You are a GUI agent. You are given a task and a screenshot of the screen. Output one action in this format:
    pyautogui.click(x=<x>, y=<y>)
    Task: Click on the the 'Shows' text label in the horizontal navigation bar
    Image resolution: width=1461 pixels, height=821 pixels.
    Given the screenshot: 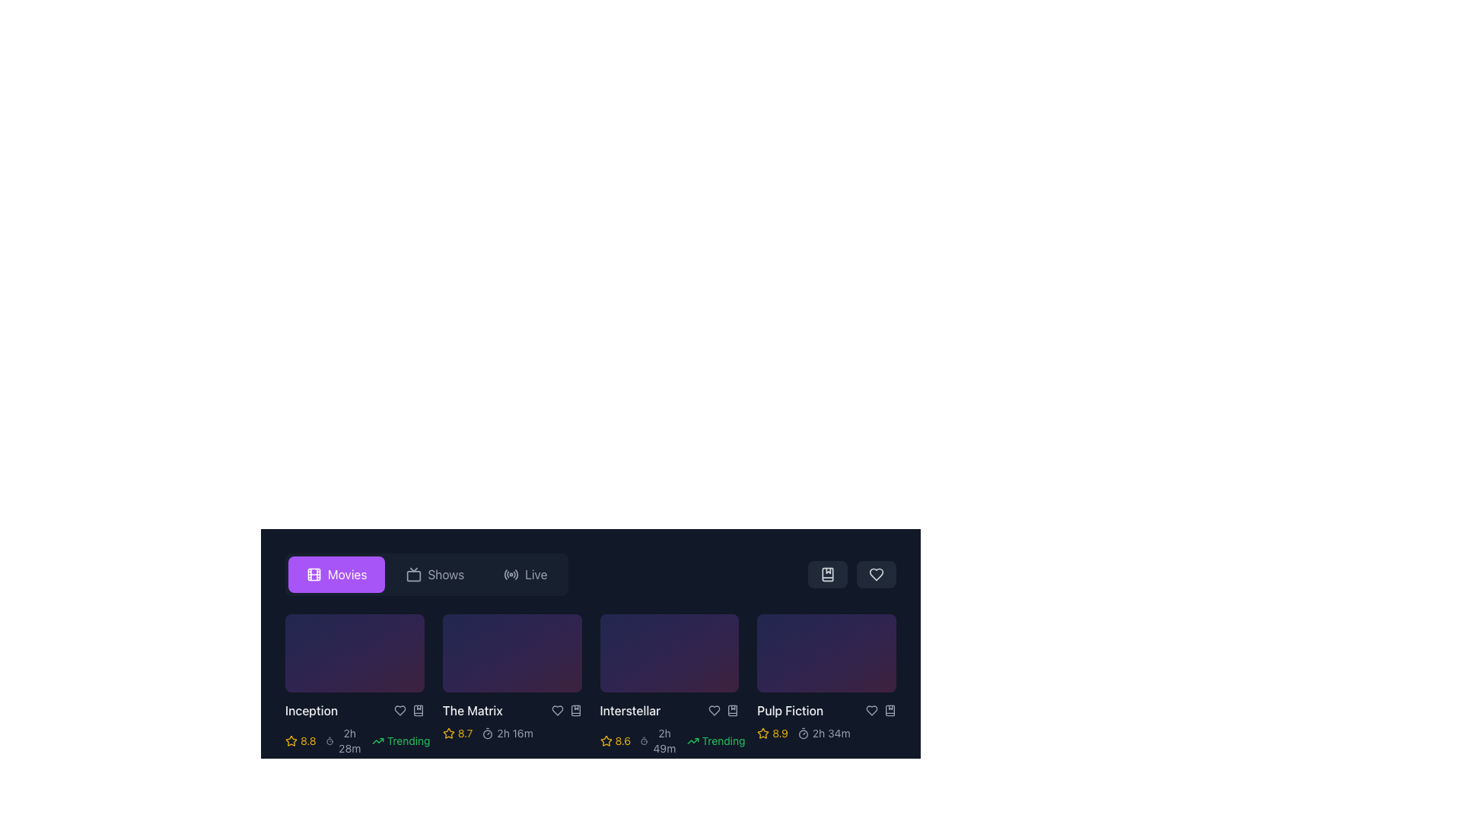 What is the action you would take?
    pyautogui.click(x=445, y=575)
    